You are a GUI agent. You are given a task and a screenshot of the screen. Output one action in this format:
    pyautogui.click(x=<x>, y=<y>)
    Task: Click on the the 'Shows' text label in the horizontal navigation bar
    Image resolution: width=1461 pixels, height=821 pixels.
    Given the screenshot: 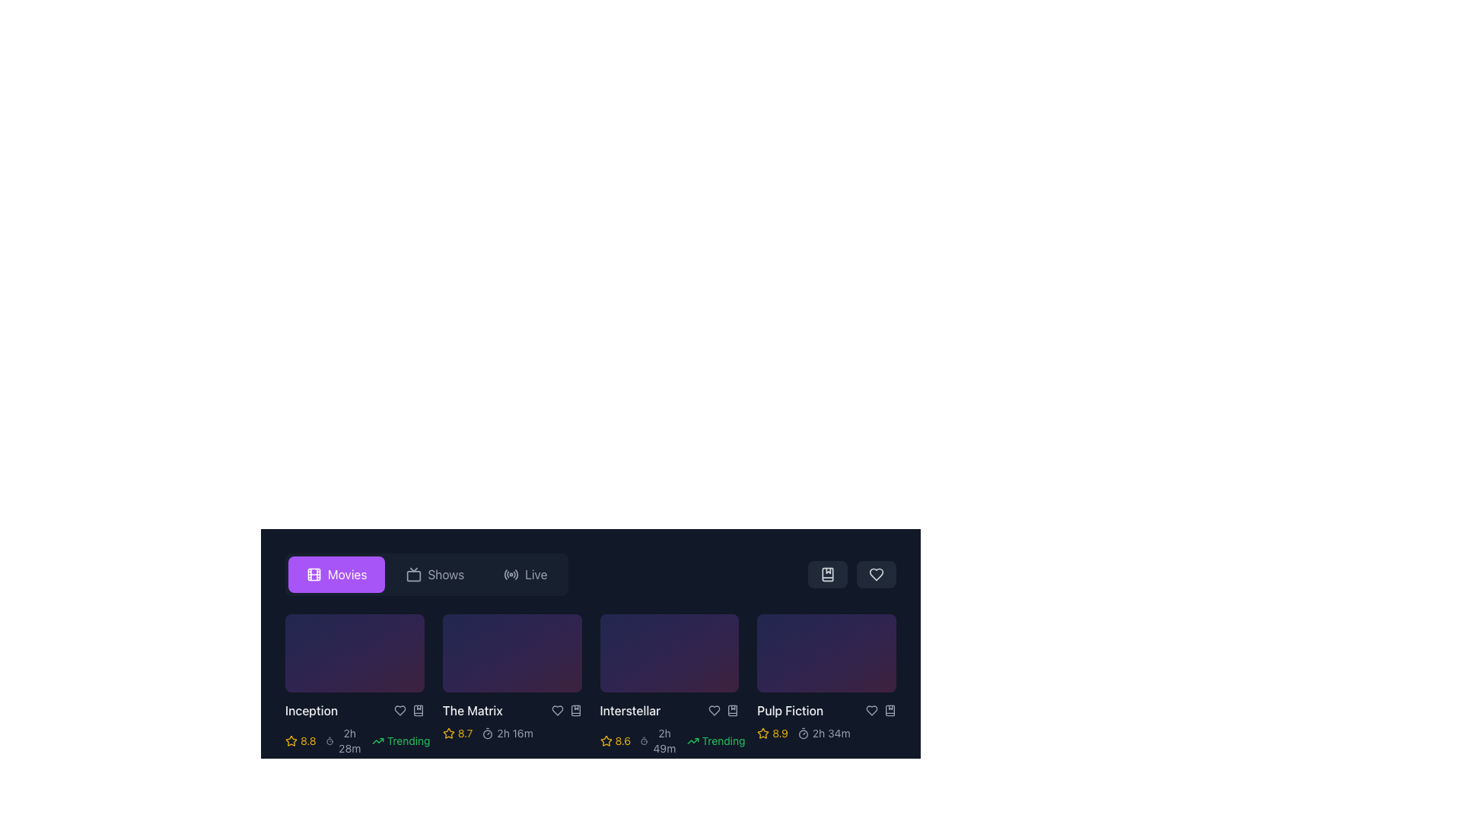 What is the action you would take?
    pyautogui.click(x=445, y=575)
    